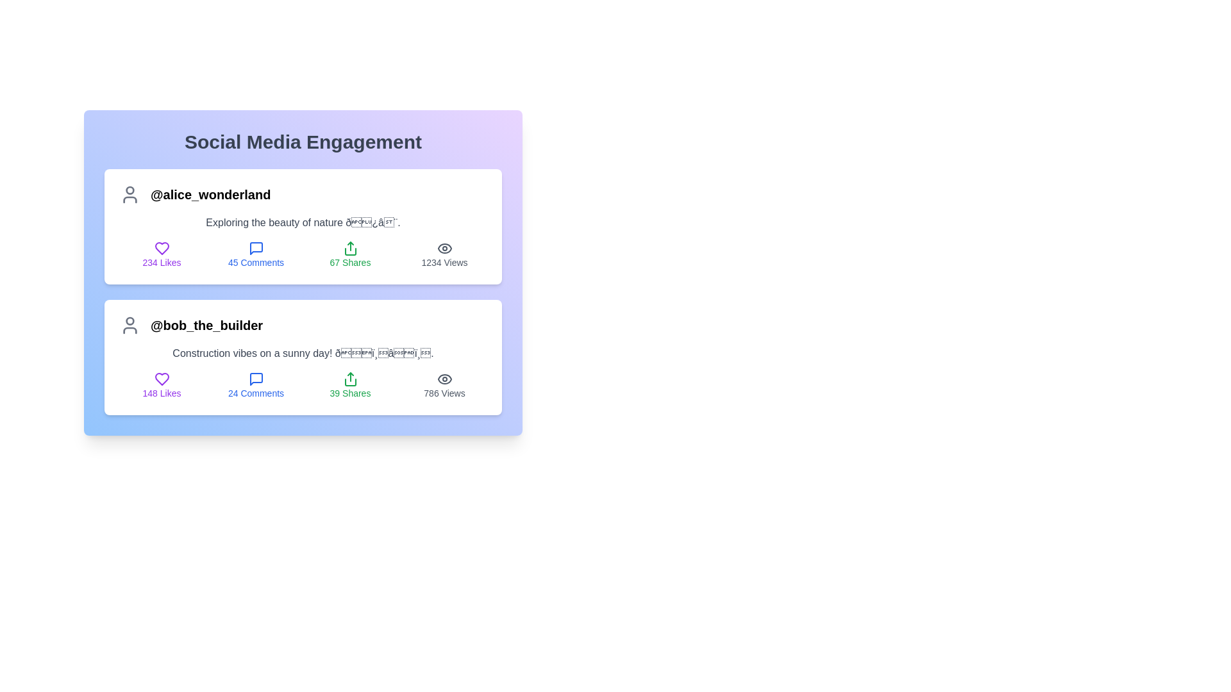 The height and width of the screenshot is (692, 1231). What do you see at coordinates (161, 261) in the screenshot?
I see `the text label displaying '234 Likes', which is styled in purple and located to the right of a purple heart icon, part of the engagement metrics for user '@alice_wonderland'` at bounding box center [161, 261].